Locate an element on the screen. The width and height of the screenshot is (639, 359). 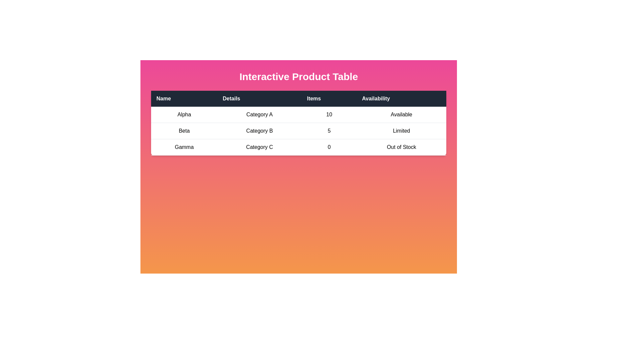
the content of the cell displaying the numeric value '5' in bold black text, located in the third cell of the 'Category B' row under the 'Items' column of the table is located at coordinates (329, 131).